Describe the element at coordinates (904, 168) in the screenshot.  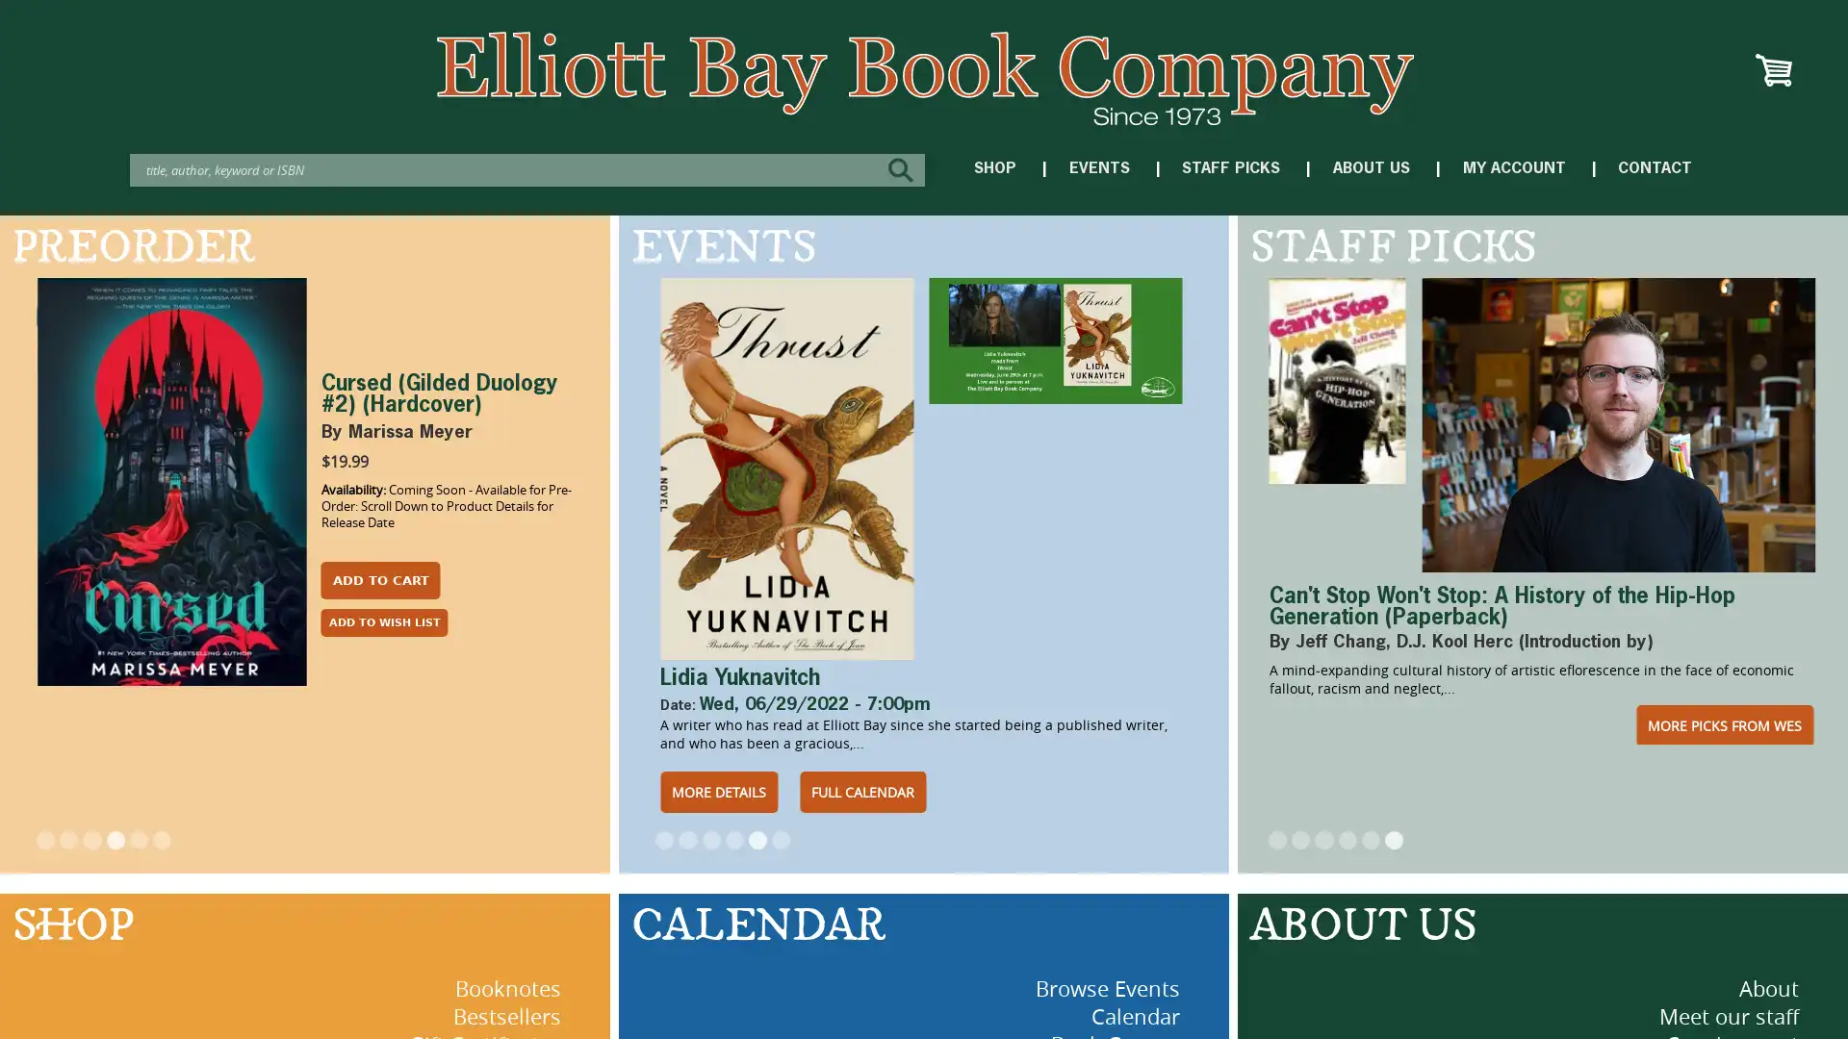
I see `Search` at that location.